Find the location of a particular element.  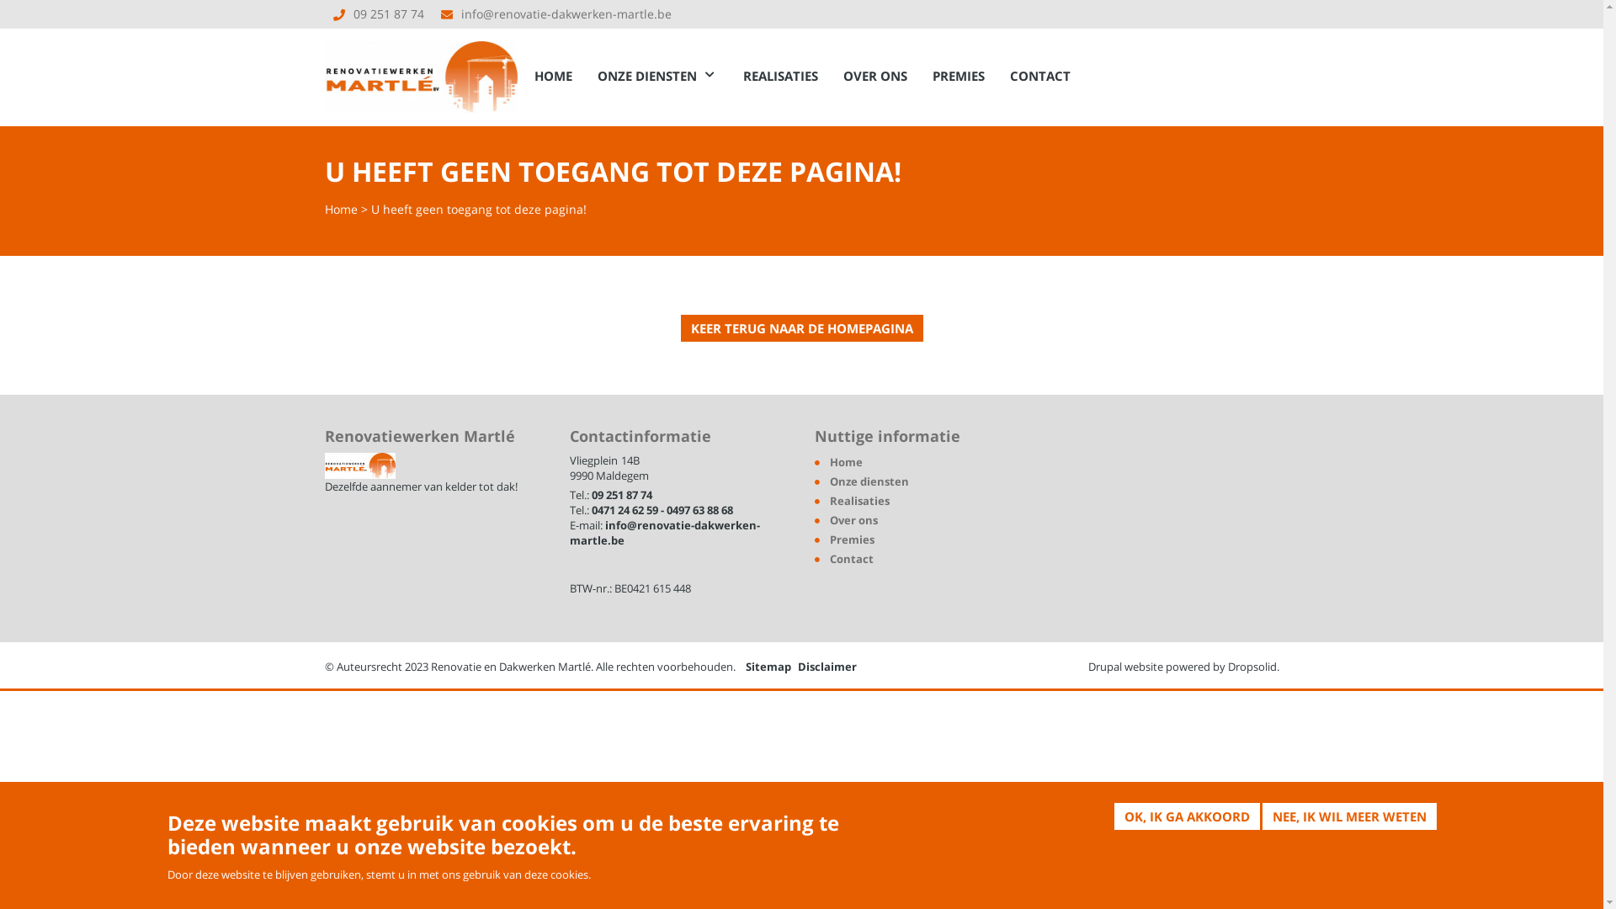

'Sitemap' is located at coordinates (767, 665).